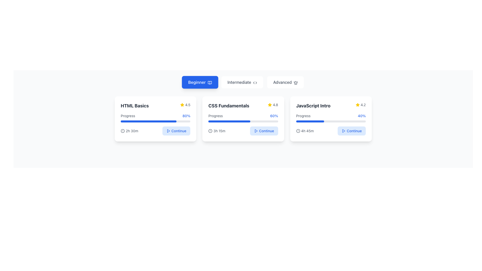  Describe the element at coordinates (228, 105) in the screenshot. I see `text label 'CSS Fundamentals' which is displayed in bold, large-sized font at the center-top of the course information card` at that location.